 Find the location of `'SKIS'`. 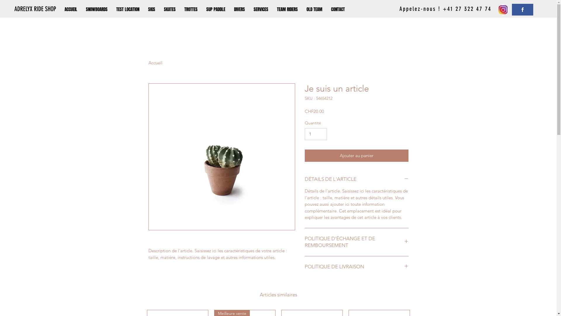

'SKIS' is located at coordinates (151, 9).